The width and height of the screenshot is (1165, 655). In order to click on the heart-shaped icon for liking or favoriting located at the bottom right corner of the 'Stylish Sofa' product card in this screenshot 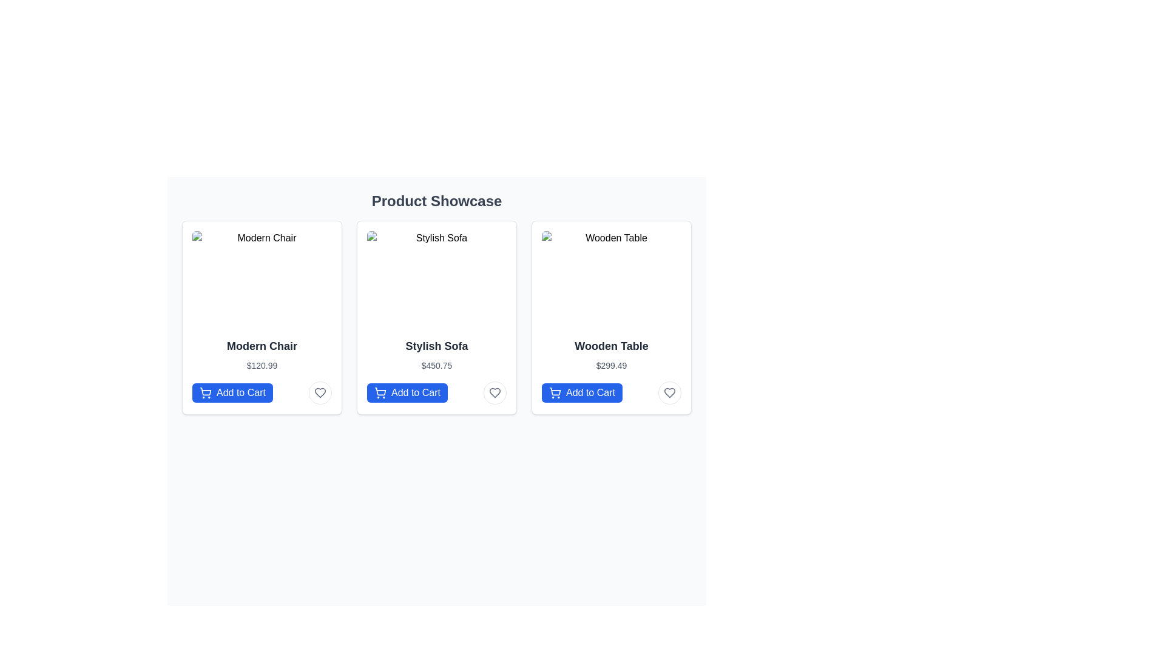, I will do `click(495, 393)`.